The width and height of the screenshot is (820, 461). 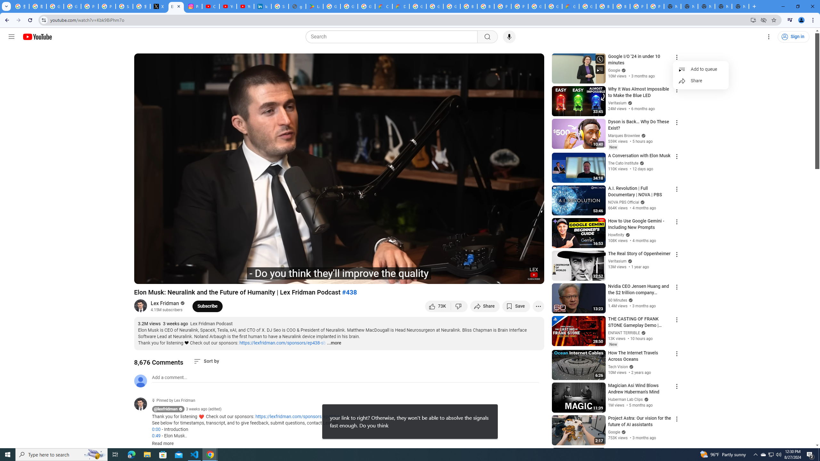 I want to click on '@lexfridman', so click(x=143, y=404).